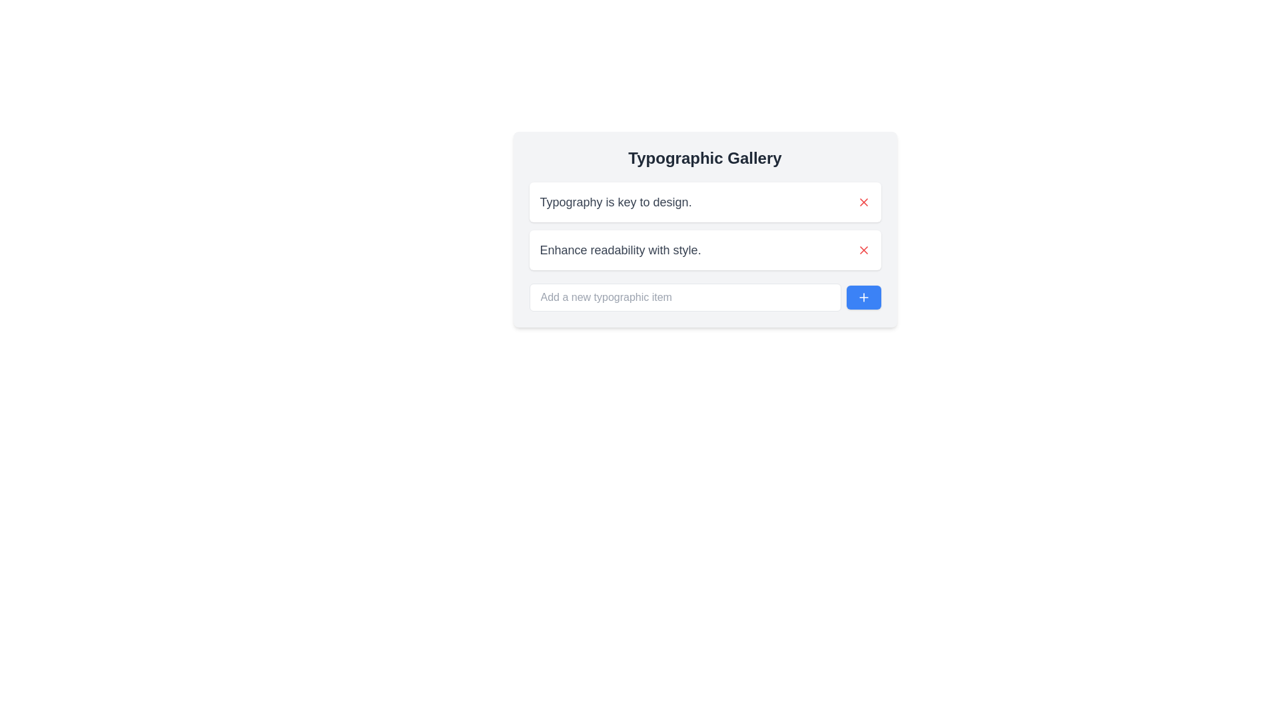  I want to click on the submit button located to the right of the 'Add a new typographic item' text input field, so click(863, 297).